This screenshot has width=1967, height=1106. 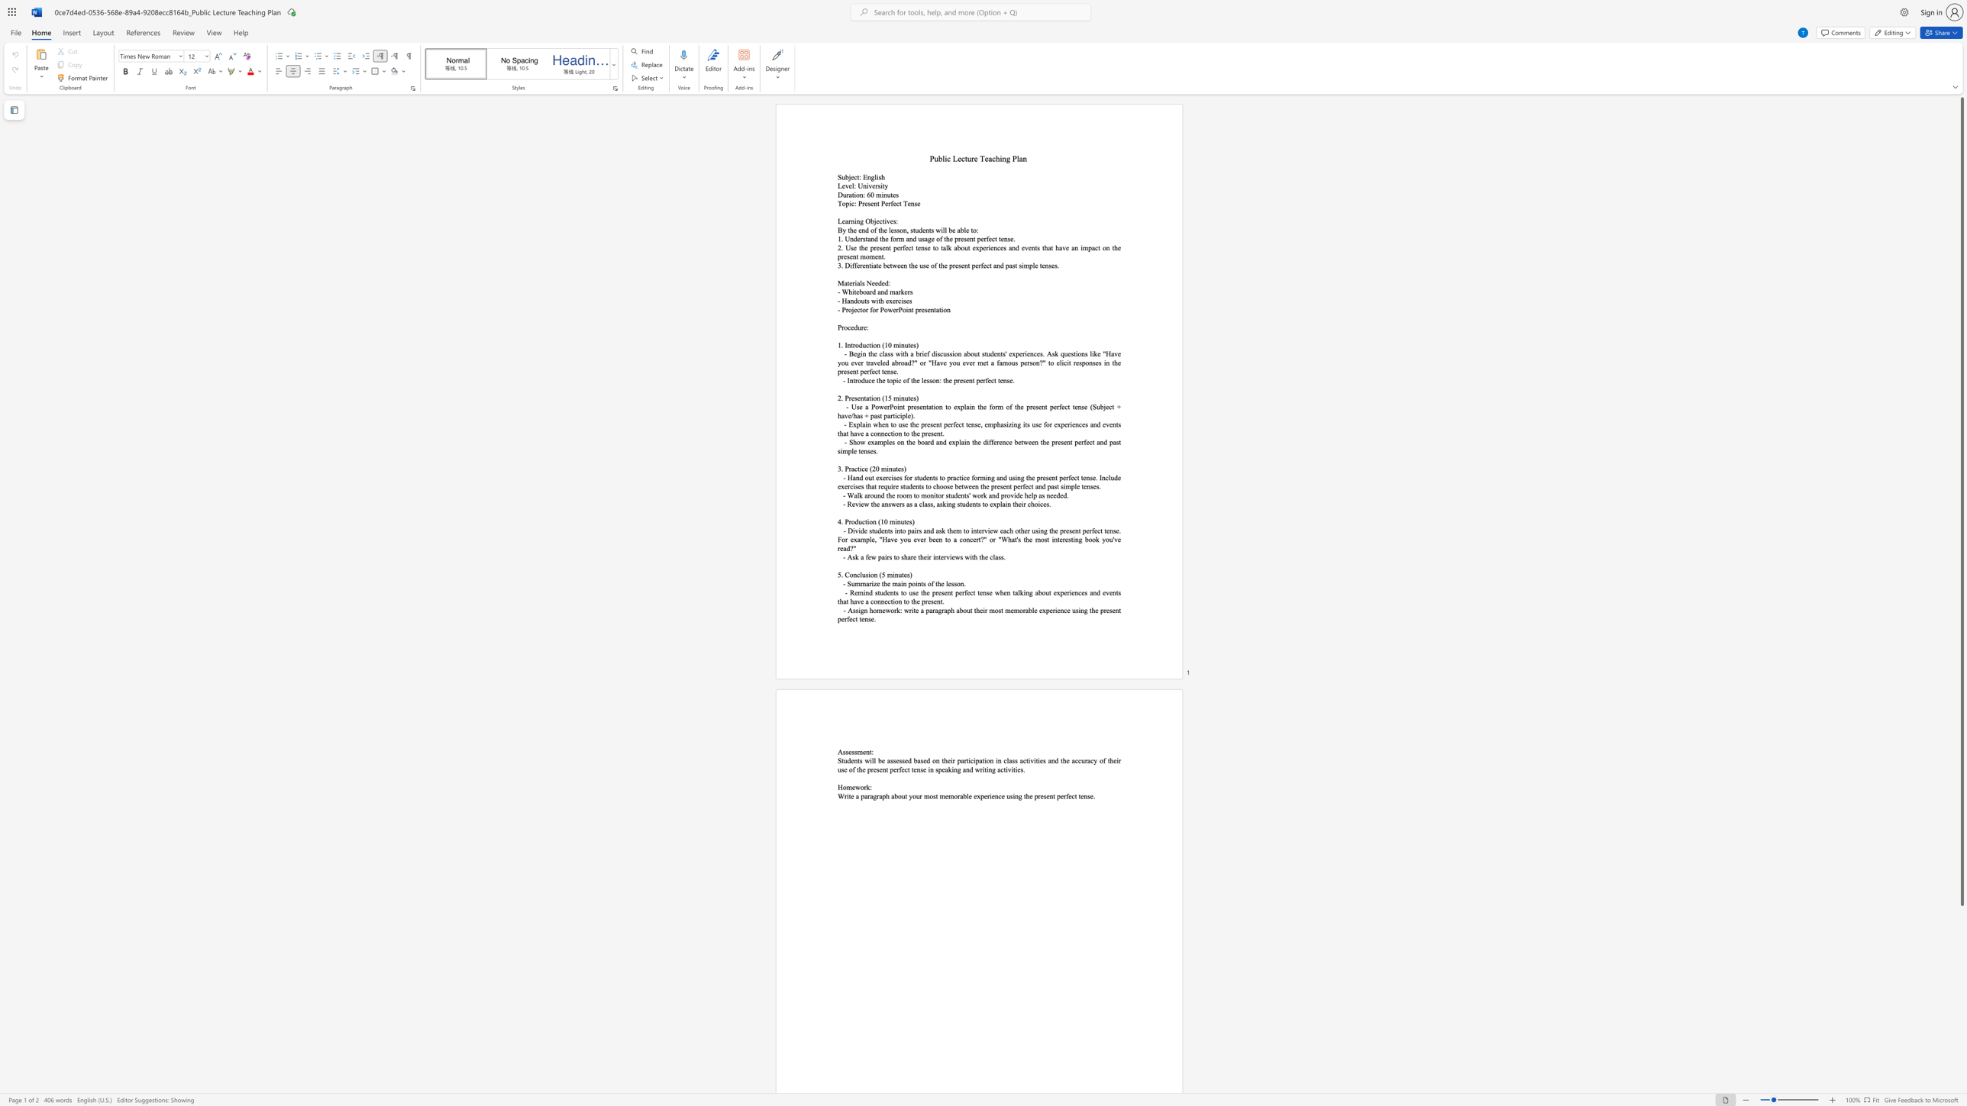 I want to click on the subset text "gli" within the text "Subject: English", so click(x=870, y=176).